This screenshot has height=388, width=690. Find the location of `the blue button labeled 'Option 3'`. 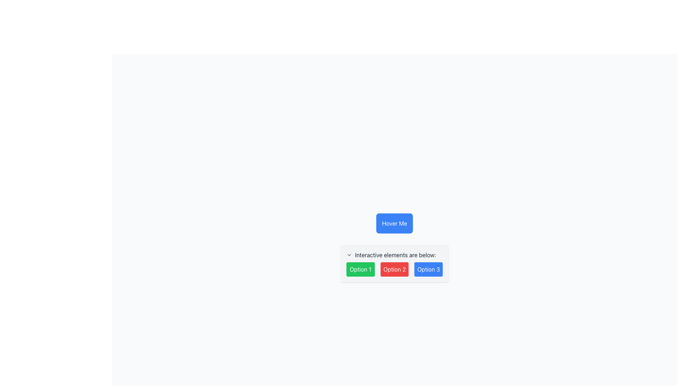

the blue button labeled 'Option 3' is located at coordinates (428, 269).